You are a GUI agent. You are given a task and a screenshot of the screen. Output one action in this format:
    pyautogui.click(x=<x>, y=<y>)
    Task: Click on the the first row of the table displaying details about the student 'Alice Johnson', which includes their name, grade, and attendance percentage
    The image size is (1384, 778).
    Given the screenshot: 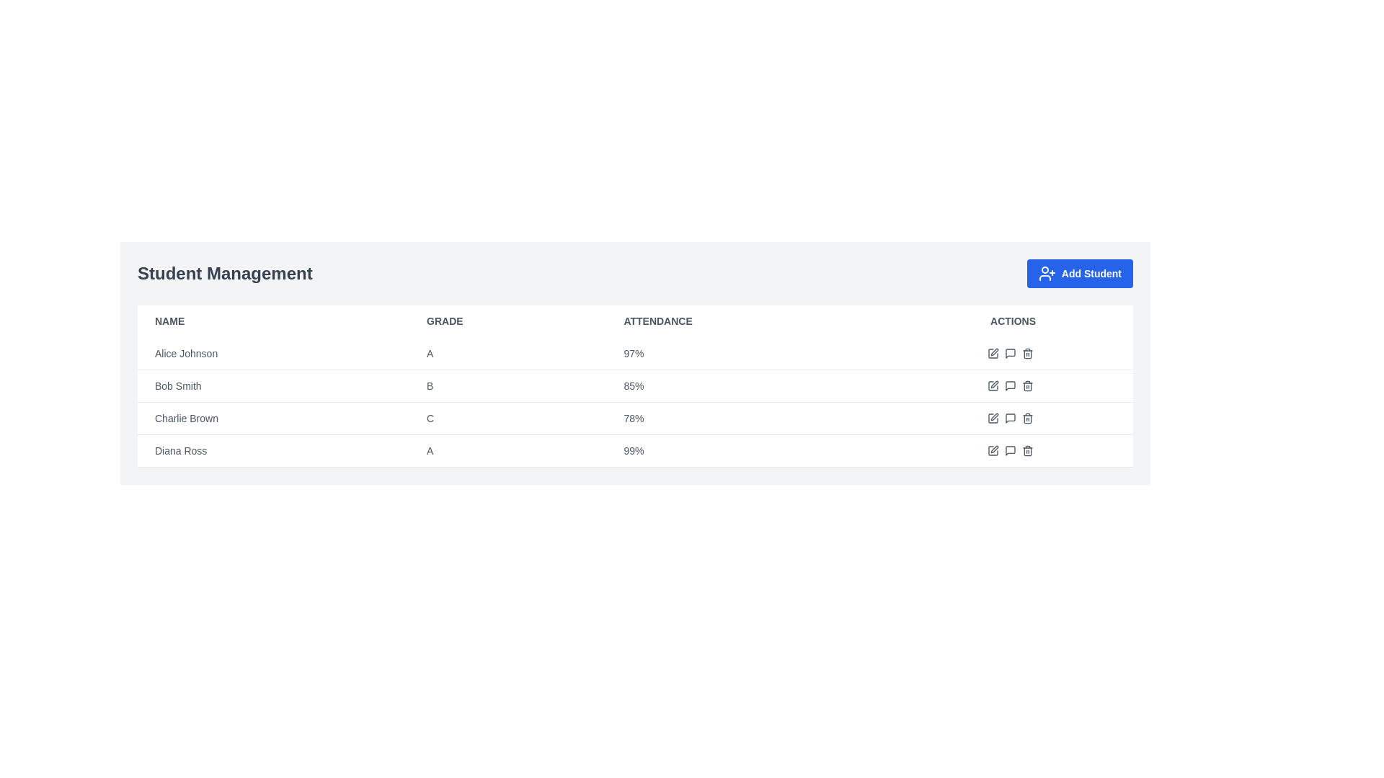 What is the action you would take?
    pyautogui.click(x=634, y=354)
    